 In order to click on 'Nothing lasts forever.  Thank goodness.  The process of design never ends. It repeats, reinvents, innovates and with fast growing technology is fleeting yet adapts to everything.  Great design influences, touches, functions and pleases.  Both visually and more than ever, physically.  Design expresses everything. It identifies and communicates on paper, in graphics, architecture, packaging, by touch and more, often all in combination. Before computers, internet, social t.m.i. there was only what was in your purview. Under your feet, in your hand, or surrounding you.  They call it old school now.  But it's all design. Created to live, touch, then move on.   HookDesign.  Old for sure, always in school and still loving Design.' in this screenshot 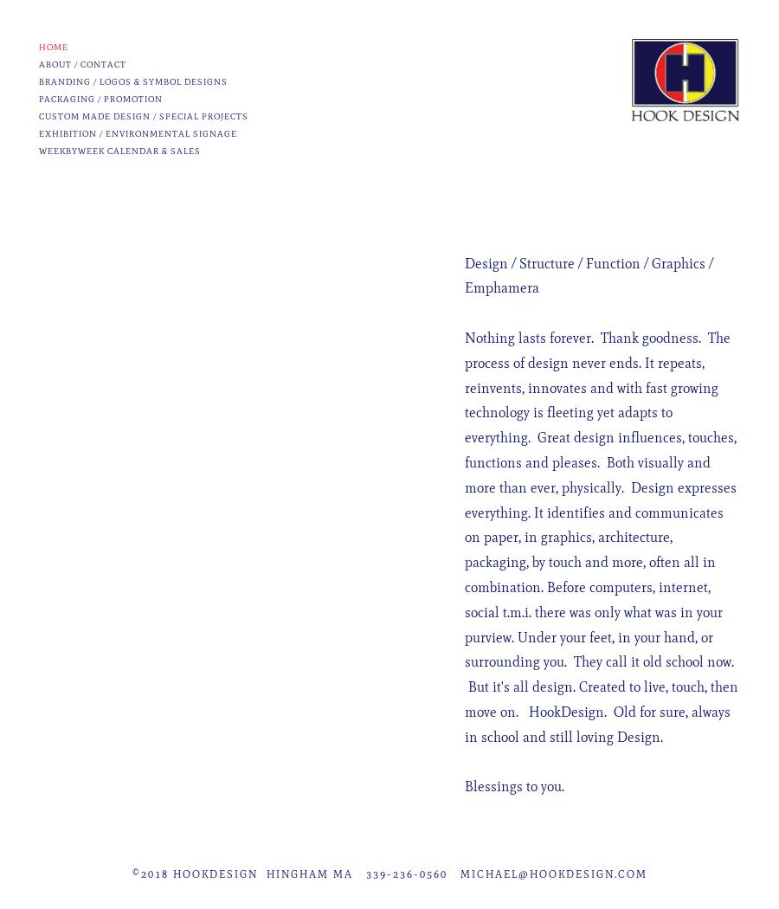, I will do `click(600, 537)`.